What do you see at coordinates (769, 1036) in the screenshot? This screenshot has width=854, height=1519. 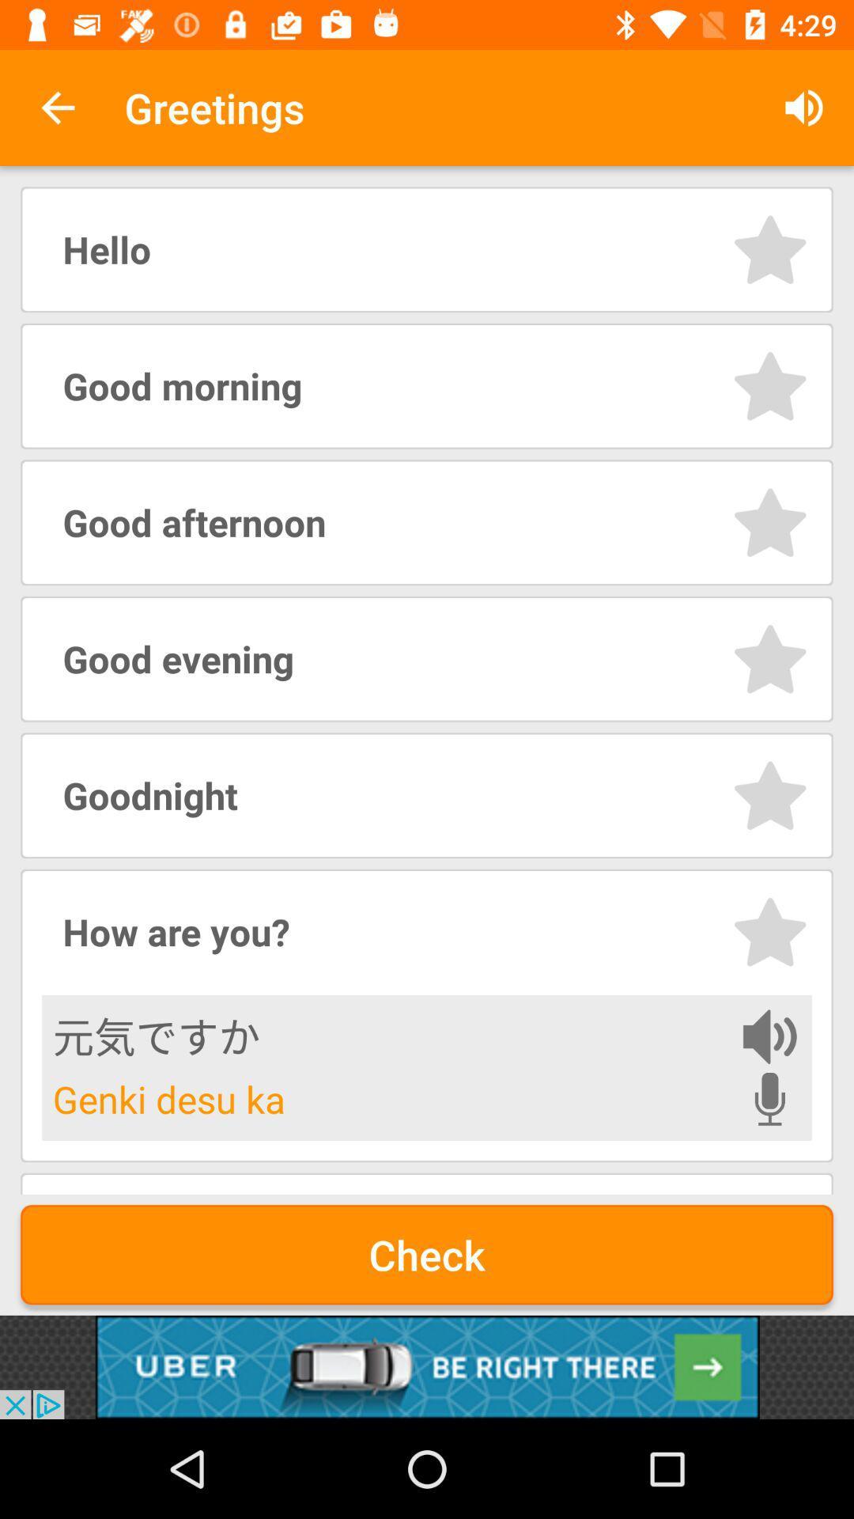 I see `audio` at bounding box center [769, 1036].